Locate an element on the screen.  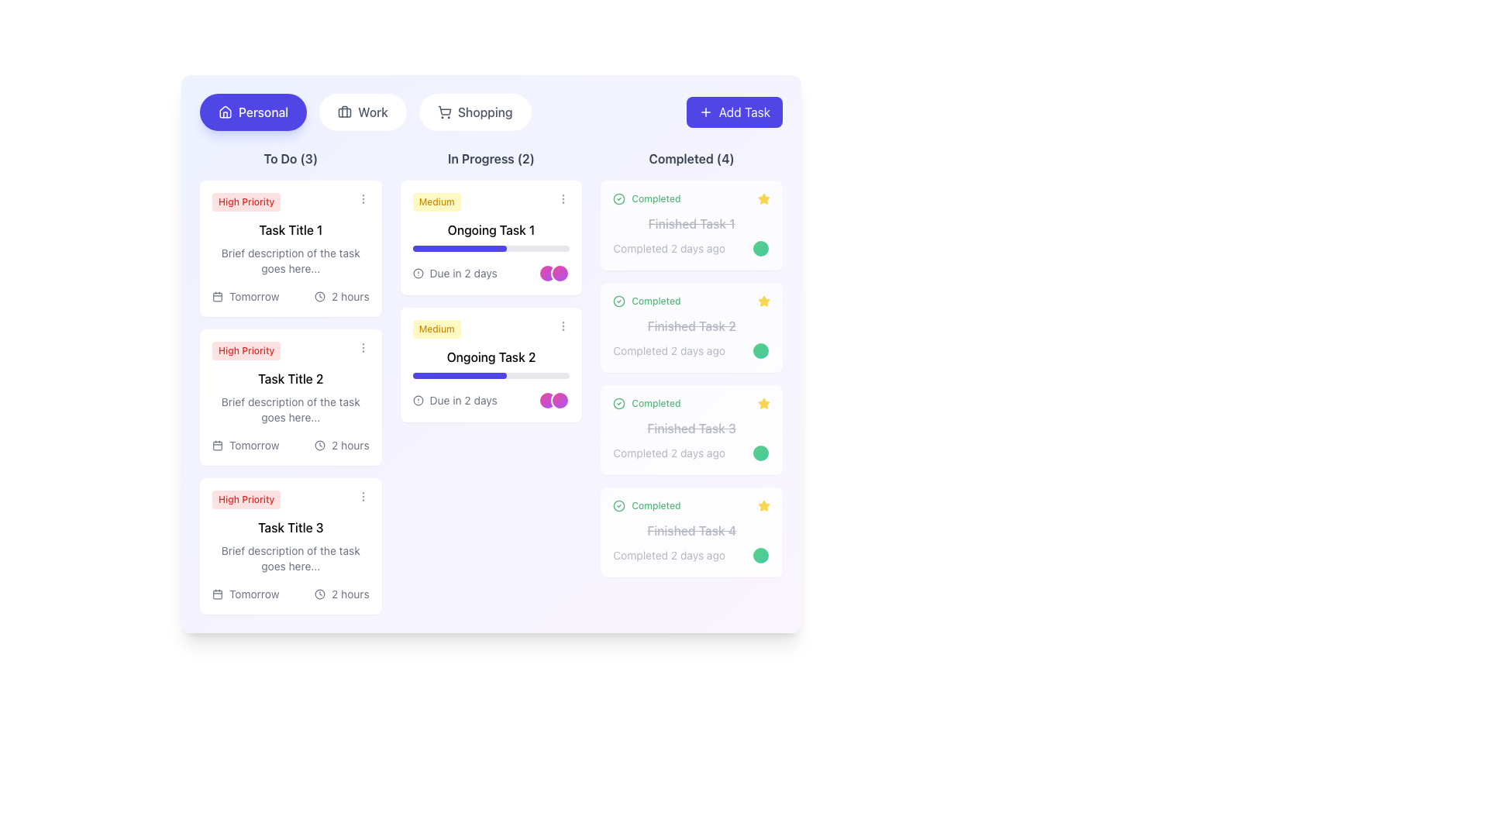
the Text label providing additional contextual information about the task in the 'Task Title 2' card located in the 'To Do' column, positioned below the title 'Task Title 2' is located at coordinates (291, 408).